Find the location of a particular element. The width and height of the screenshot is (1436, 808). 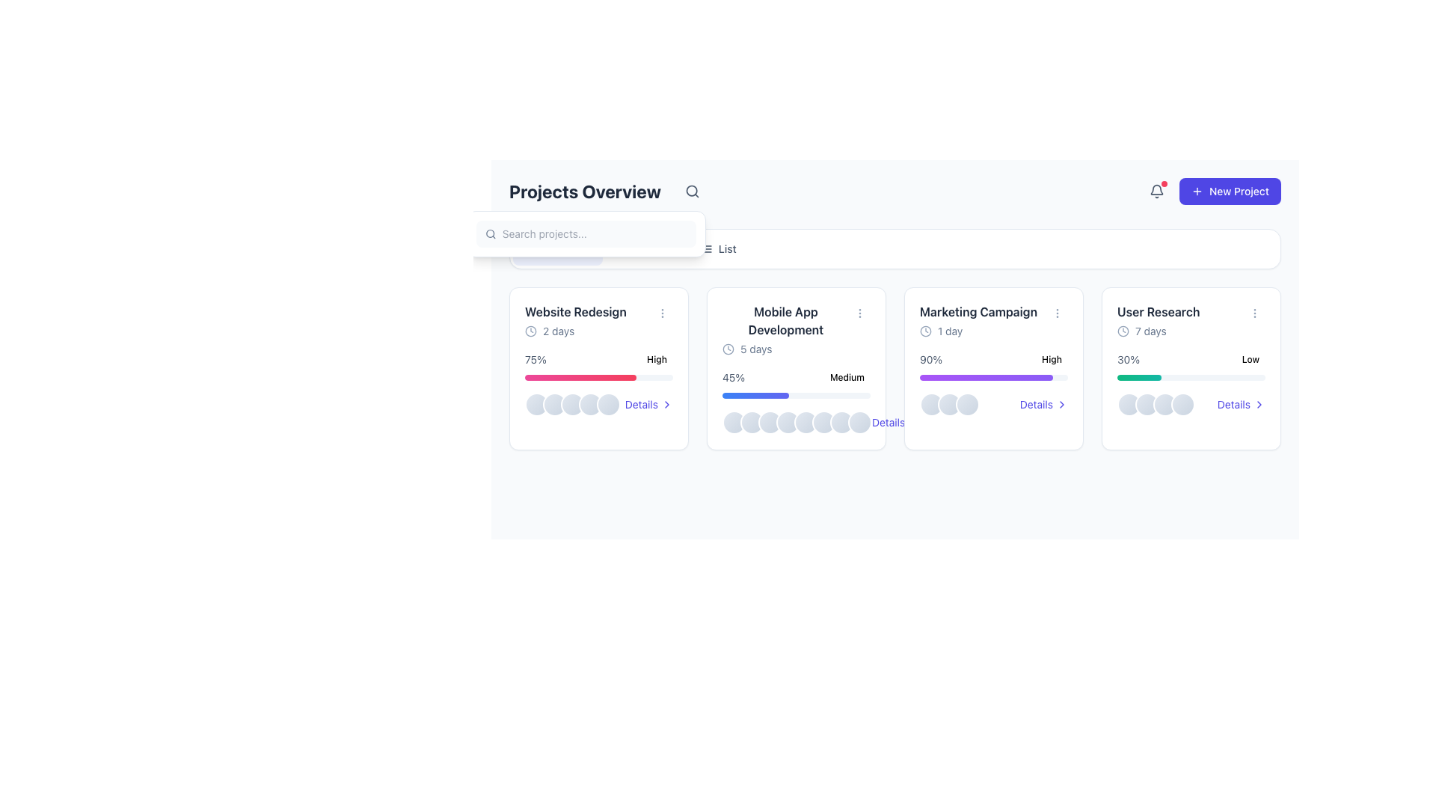

the textual element displaying the title and timeline of the marketing campaign project located in the third card of a horizontally arranged series is located at coordinates (978, 319).